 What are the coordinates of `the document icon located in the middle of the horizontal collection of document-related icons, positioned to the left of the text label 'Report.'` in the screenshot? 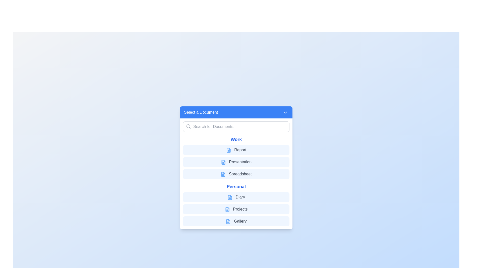 It's located at (228, 150).